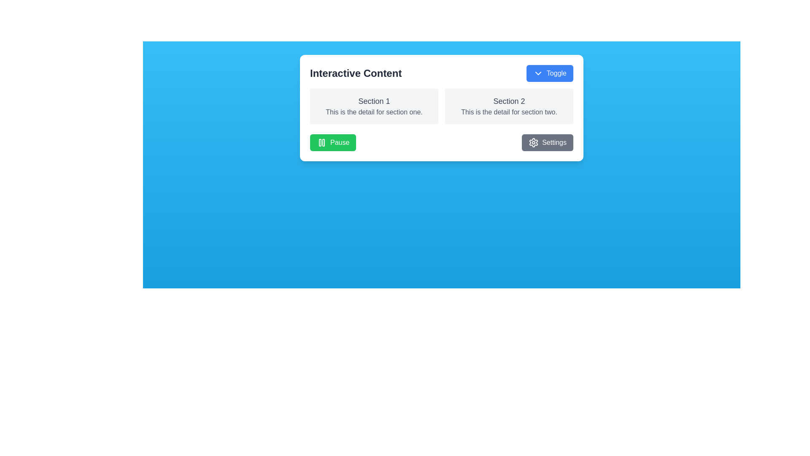  What do you see at coordinates (508, 106) in the screenshot?
I see `the static informational display box for Section 2, which is positioned to the right of the first box labeled 'Section 1'` at bounding box center [508, 106].